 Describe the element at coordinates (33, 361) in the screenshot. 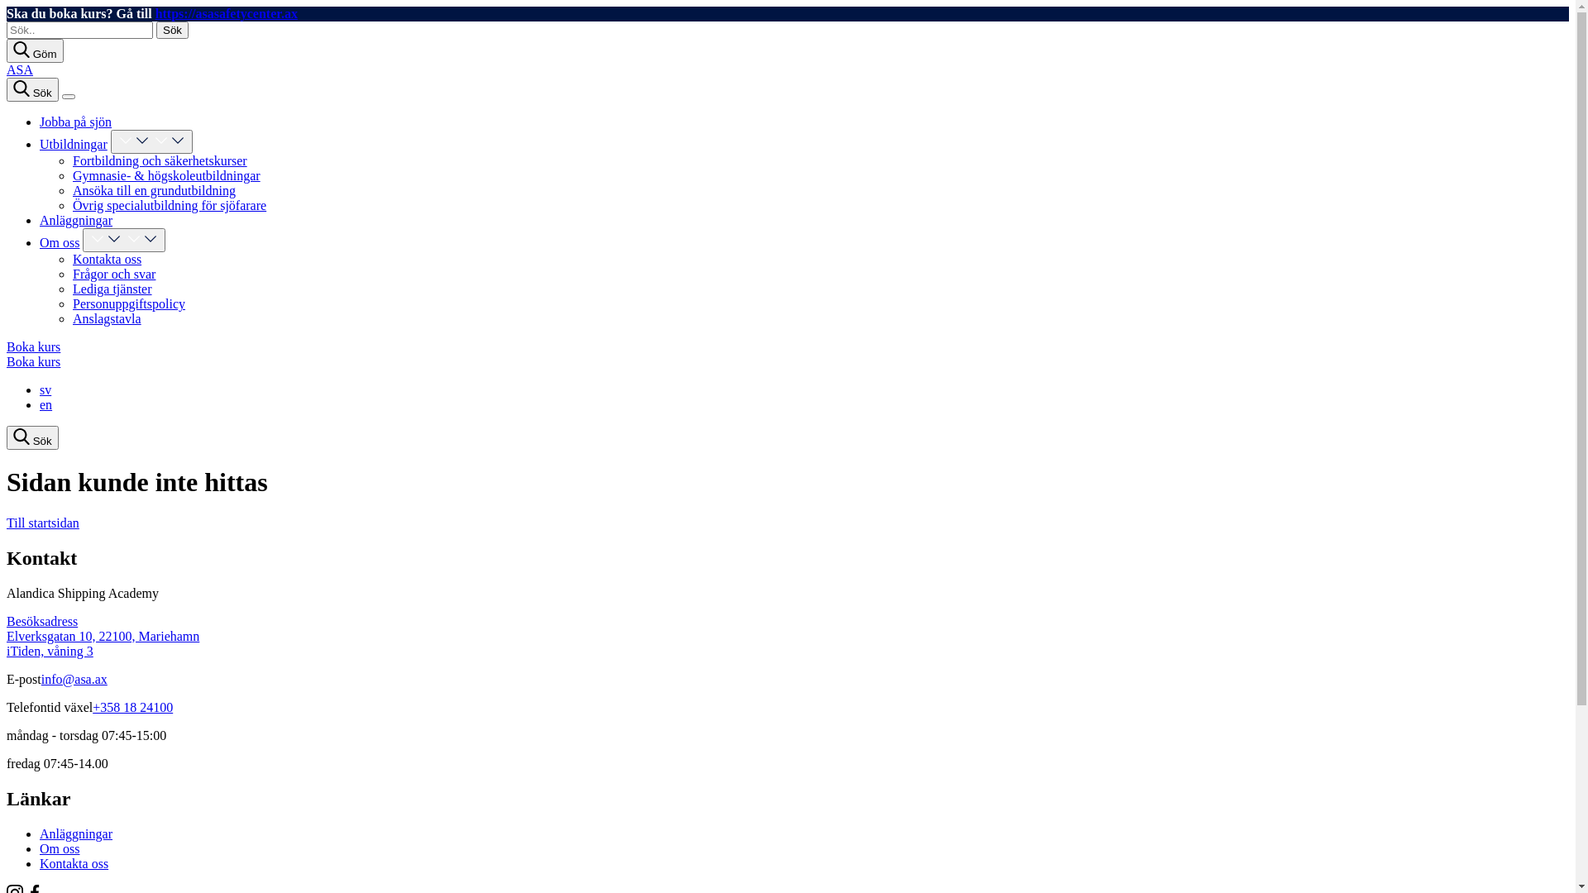

I see `'Boka kurs'` at that location.